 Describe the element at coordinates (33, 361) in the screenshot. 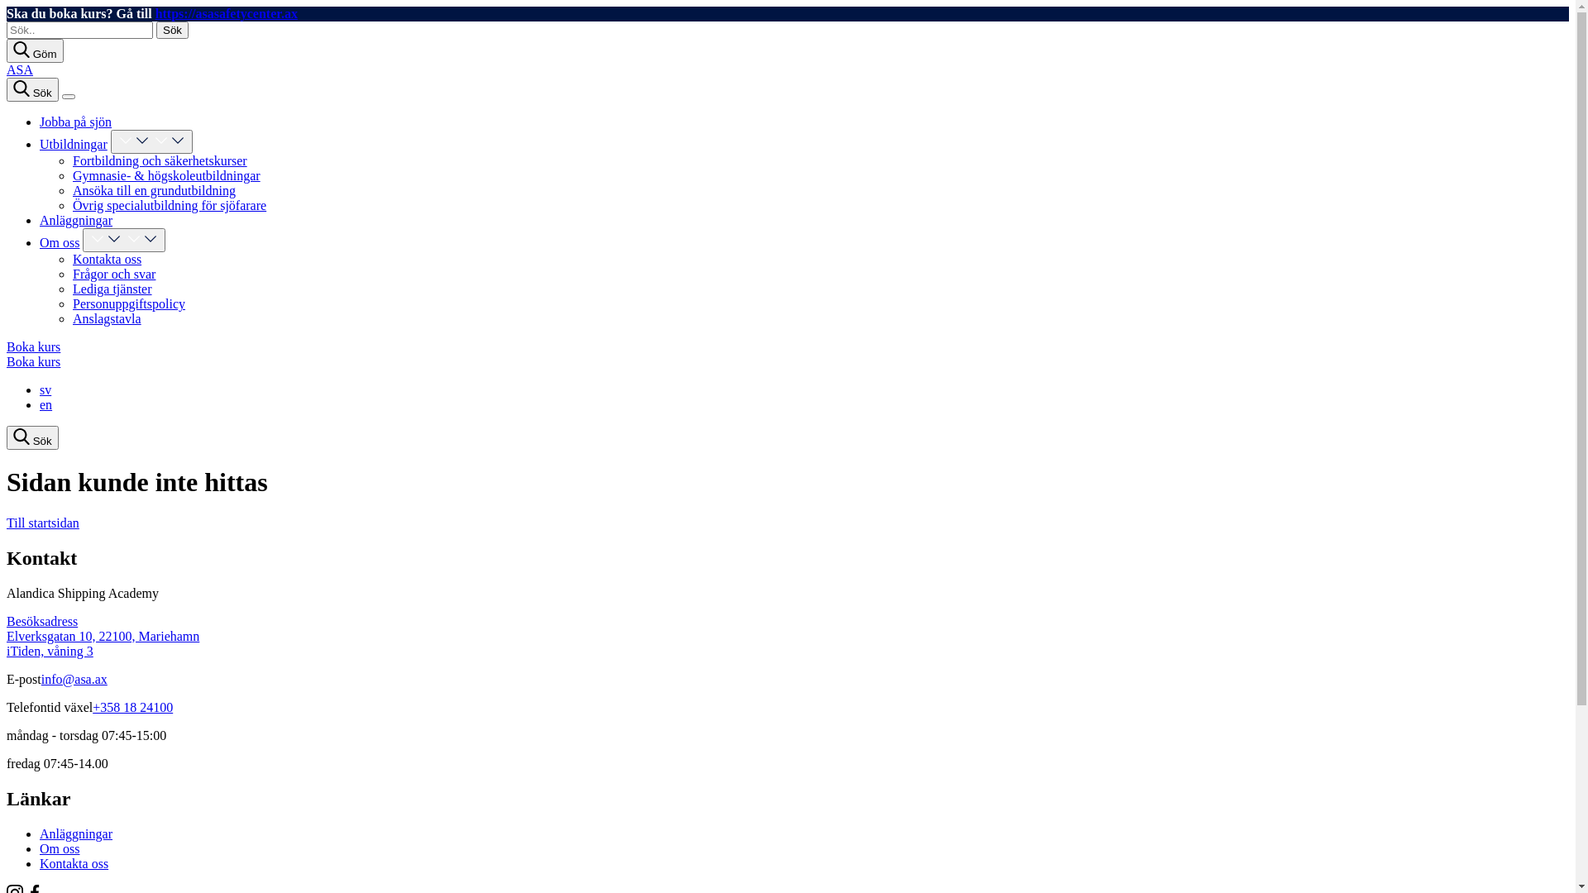

I see `'Boka kurs'` at that location.